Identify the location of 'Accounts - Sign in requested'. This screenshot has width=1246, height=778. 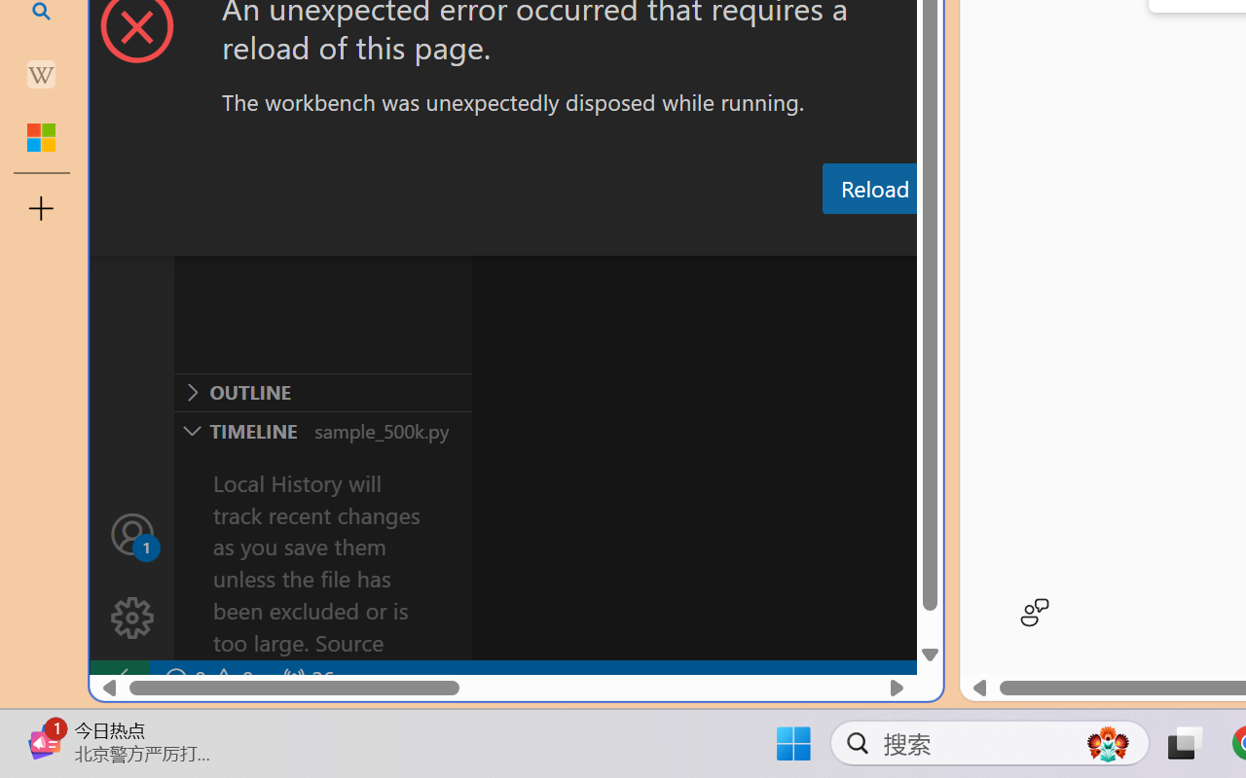
(130, 533).